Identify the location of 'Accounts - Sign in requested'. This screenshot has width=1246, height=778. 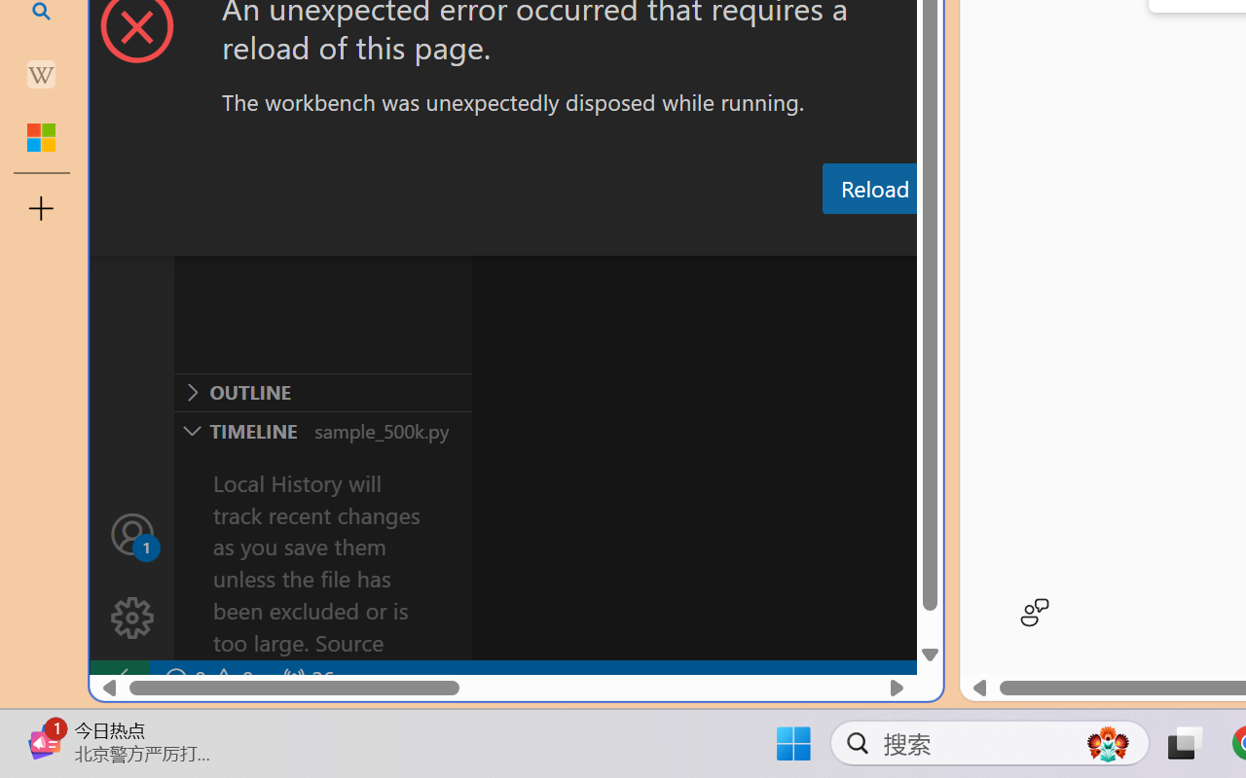
(130, 533).